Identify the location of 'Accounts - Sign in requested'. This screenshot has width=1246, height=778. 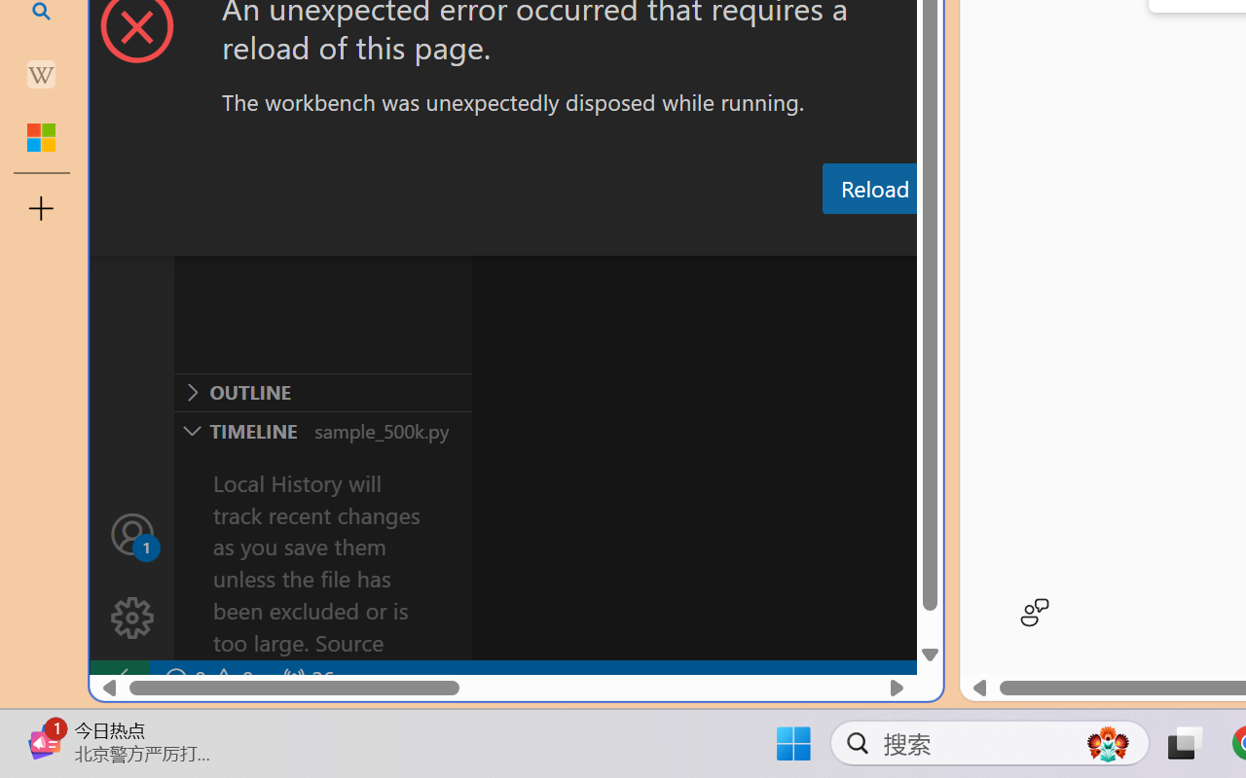
(130, 533).